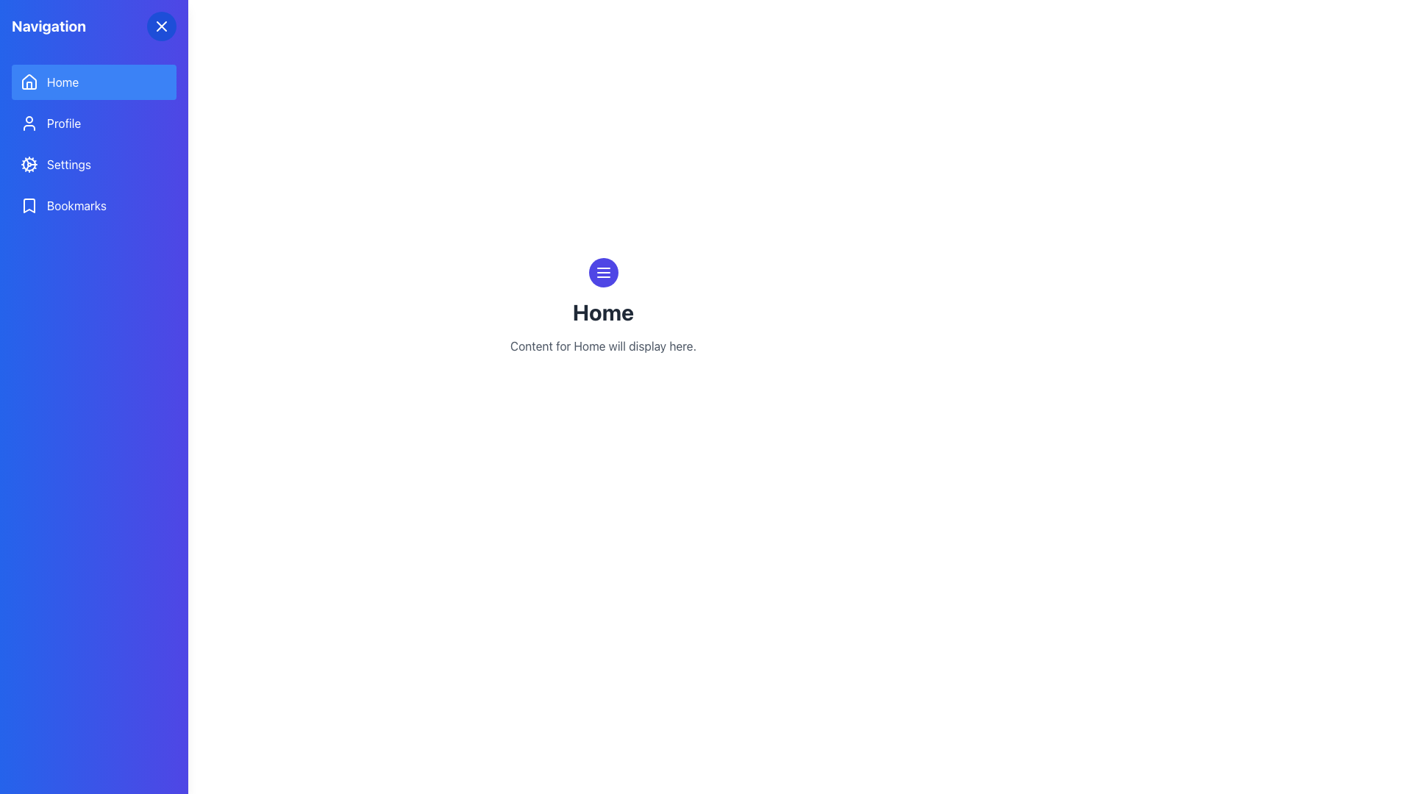  I want to click on the Header text element located below a small interactive button with an indigo background, which serves as the page's header and provides an indication of the current section being viewed, so click(603, 311).